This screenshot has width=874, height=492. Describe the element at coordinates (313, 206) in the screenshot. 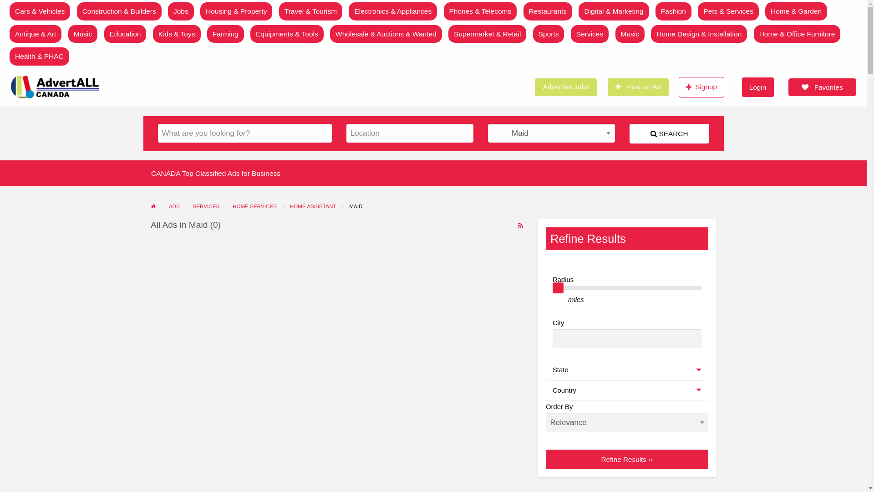

I see `'HOME ASSISTANT'` at that location.